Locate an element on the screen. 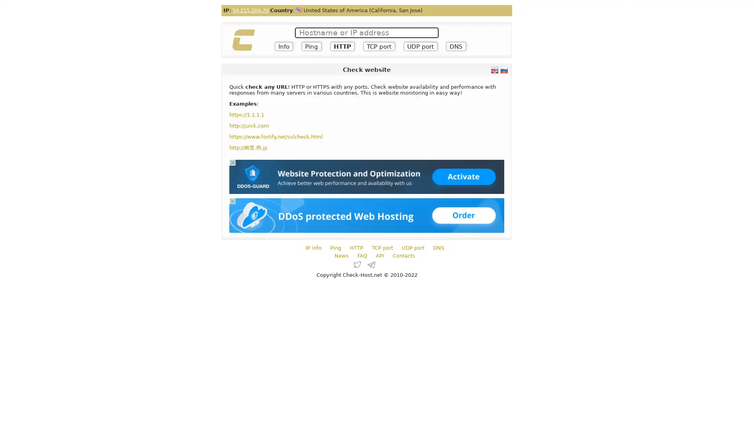 The image size is (754, 424). UDP port is located at coordinates (420, 46).